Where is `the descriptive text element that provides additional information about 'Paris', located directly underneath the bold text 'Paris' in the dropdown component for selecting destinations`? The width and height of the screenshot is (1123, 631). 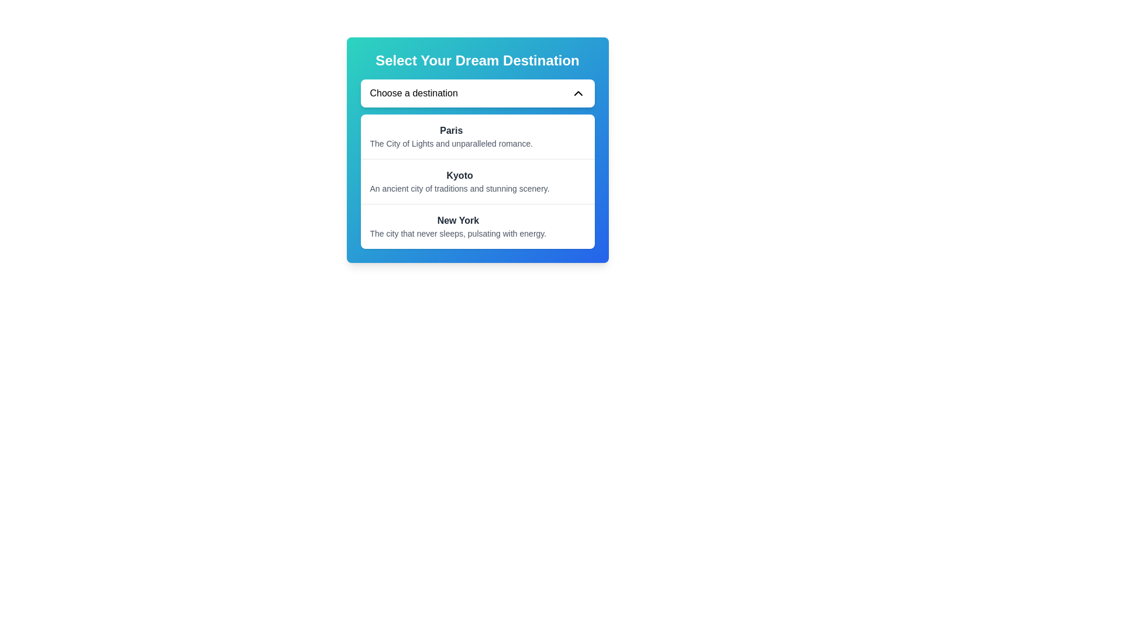 the descriptive text element that provides additional information about 'Paris', located directly underneath the bold text 'Paris' in the dropdown component for selecting destinations is located at coordinates (450, 143).